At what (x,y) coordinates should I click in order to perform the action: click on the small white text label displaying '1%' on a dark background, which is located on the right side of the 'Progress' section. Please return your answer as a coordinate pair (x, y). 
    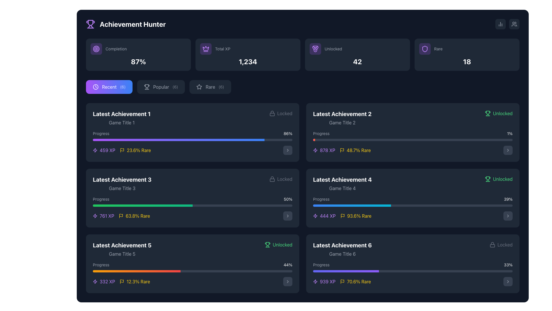
    Looking at the image, I should click on (510, 133).